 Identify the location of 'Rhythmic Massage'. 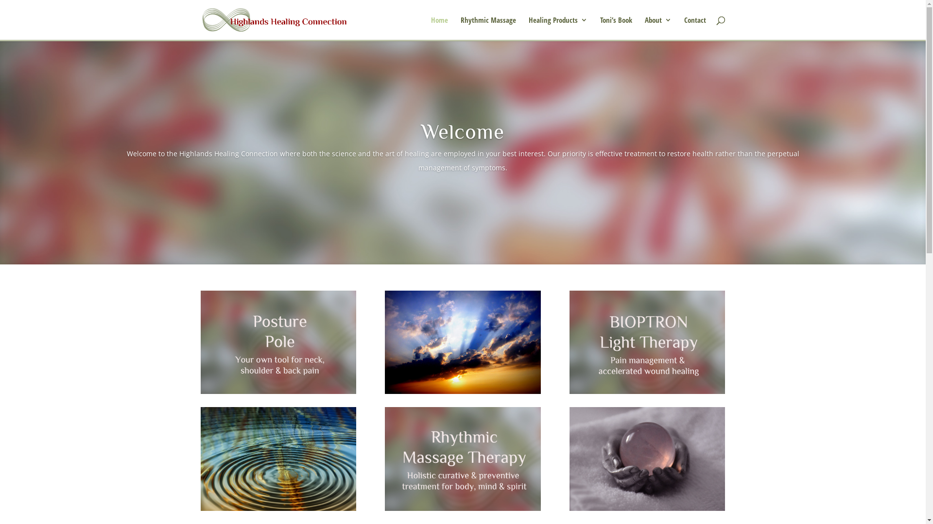
(488, 27).